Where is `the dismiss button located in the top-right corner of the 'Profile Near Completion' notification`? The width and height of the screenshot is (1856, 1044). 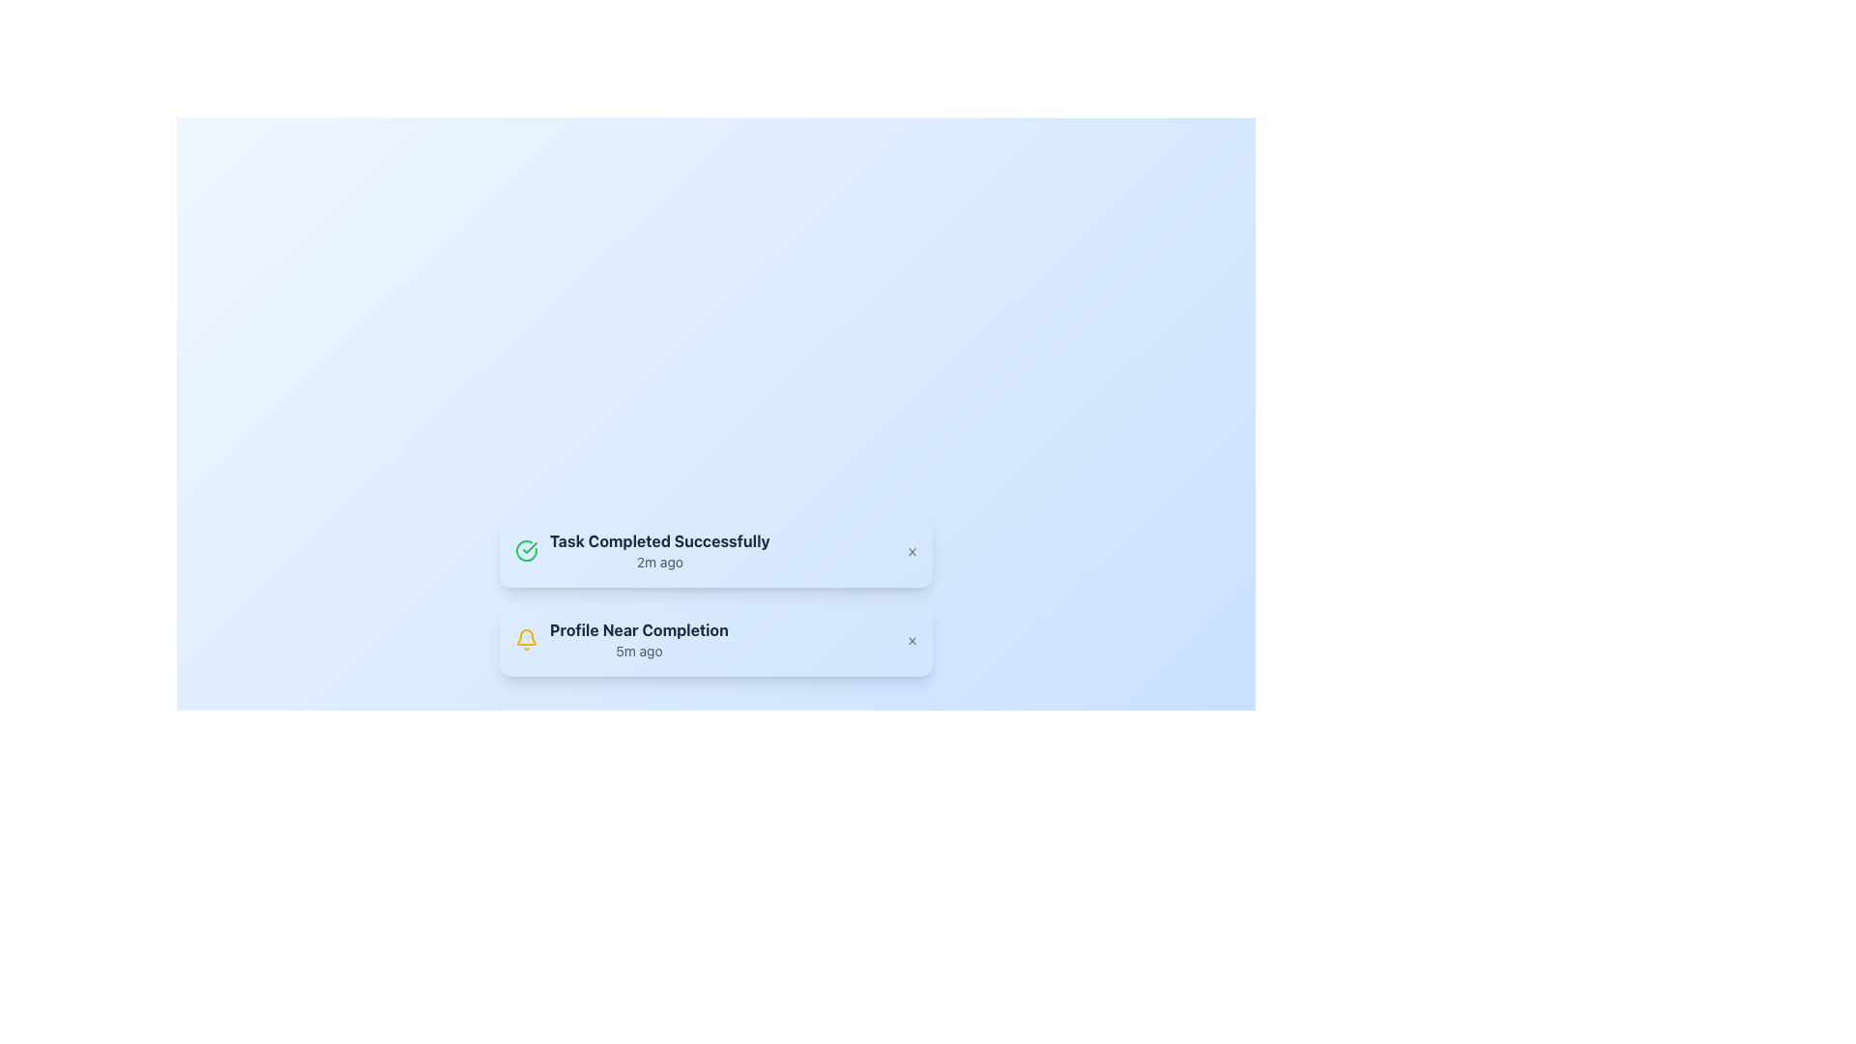 the dismiss button located in the top-right corner of the 'Profile Near Completion' notification is located at coordinates (912, 640).